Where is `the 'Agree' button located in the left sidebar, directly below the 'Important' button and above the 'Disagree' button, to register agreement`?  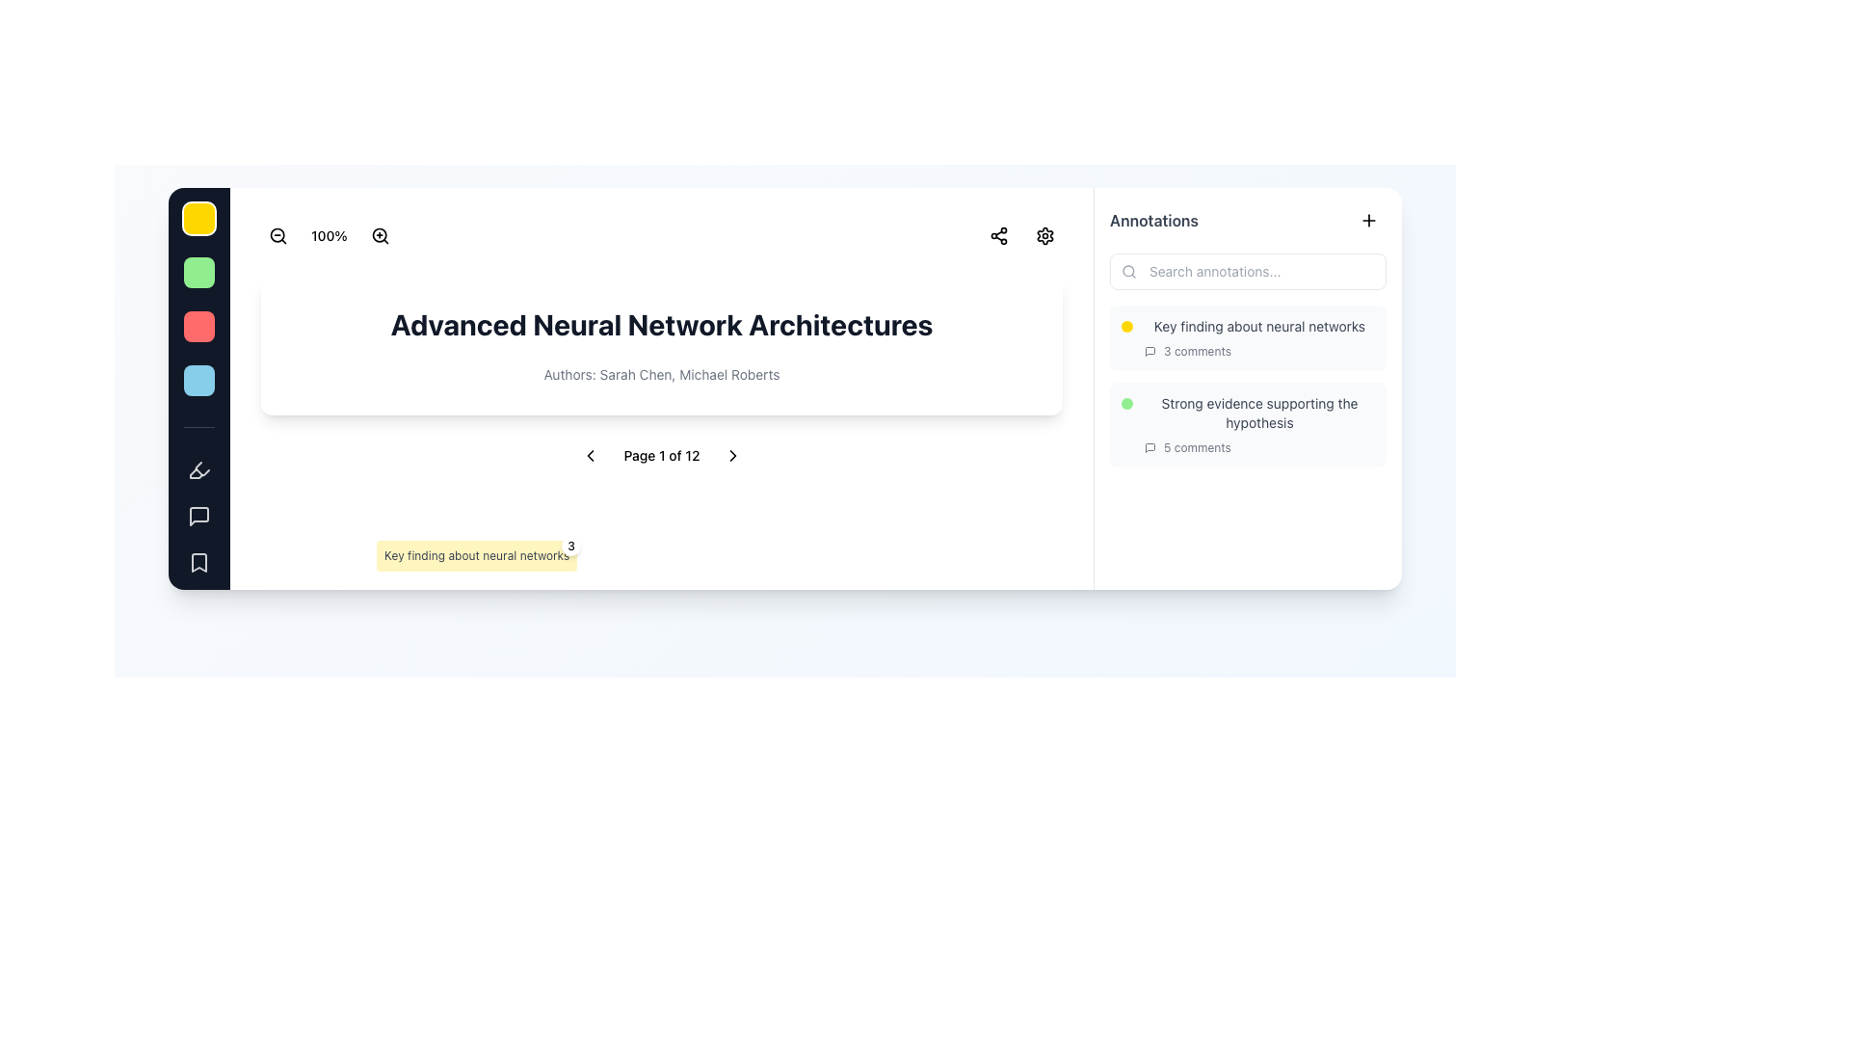 the 'Agree' button located in the left sidebar, directly below the 'Important' button and above the 'Disagree' button, to register agreement is located at coordinates (198, 272).